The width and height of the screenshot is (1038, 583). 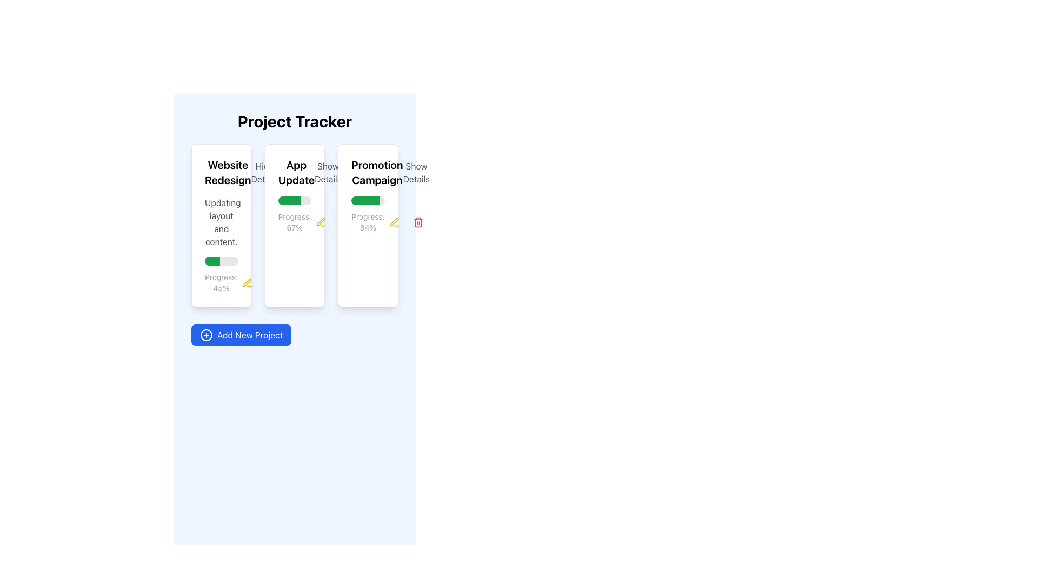 What do you see at coordinates (207, 335) in the screenshot?
I see `the blue circular icon with a white plus symbol located on the left side of the 'Add New Project' button` at bounding box center [207, 335].